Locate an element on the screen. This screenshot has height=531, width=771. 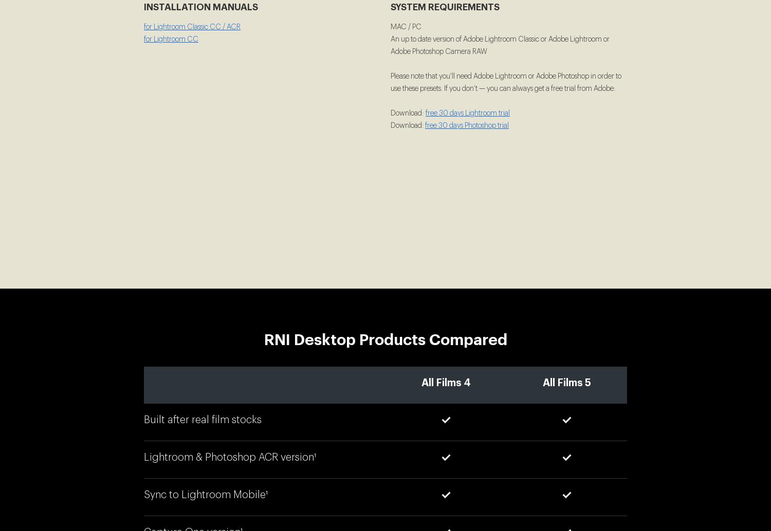
'for Lightroom Classic CC / ACR' is located at coordinates (144, 27).